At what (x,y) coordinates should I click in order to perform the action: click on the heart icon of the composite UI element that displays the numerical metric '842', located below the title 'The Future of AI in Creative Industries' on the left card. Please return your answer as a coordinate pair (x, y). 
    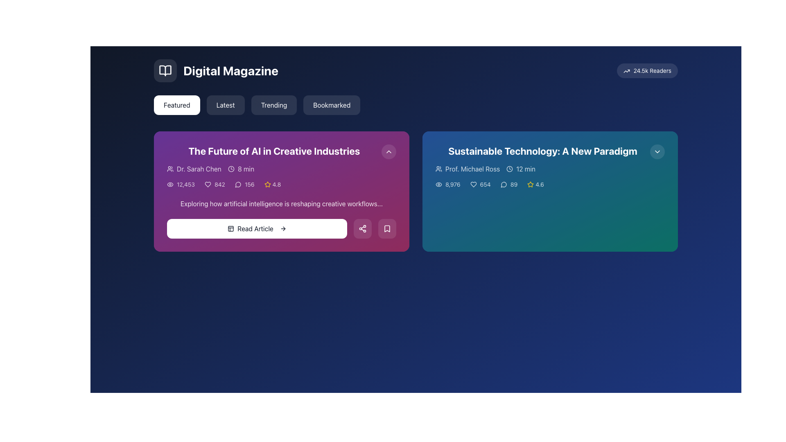
    Looking at the image, I should click on (215, 185).